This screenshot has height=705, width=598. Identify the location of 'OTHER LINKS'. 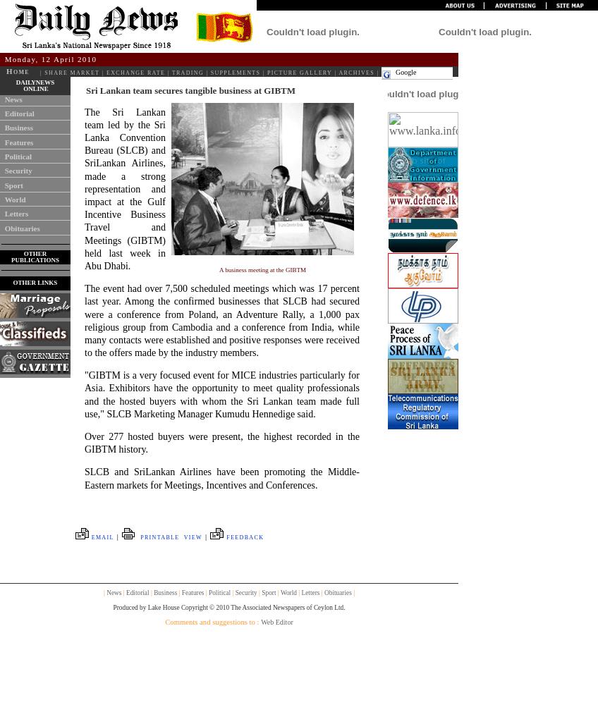
(34, 283).